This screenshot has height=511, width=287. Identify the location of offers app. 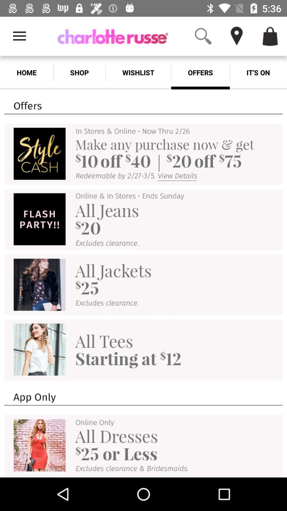
(200, 72).